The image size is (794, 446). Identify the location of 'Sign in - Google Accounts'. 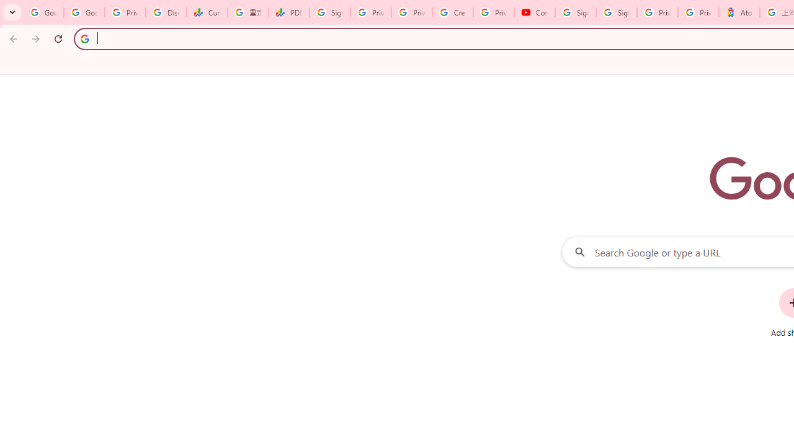
(616, 12).